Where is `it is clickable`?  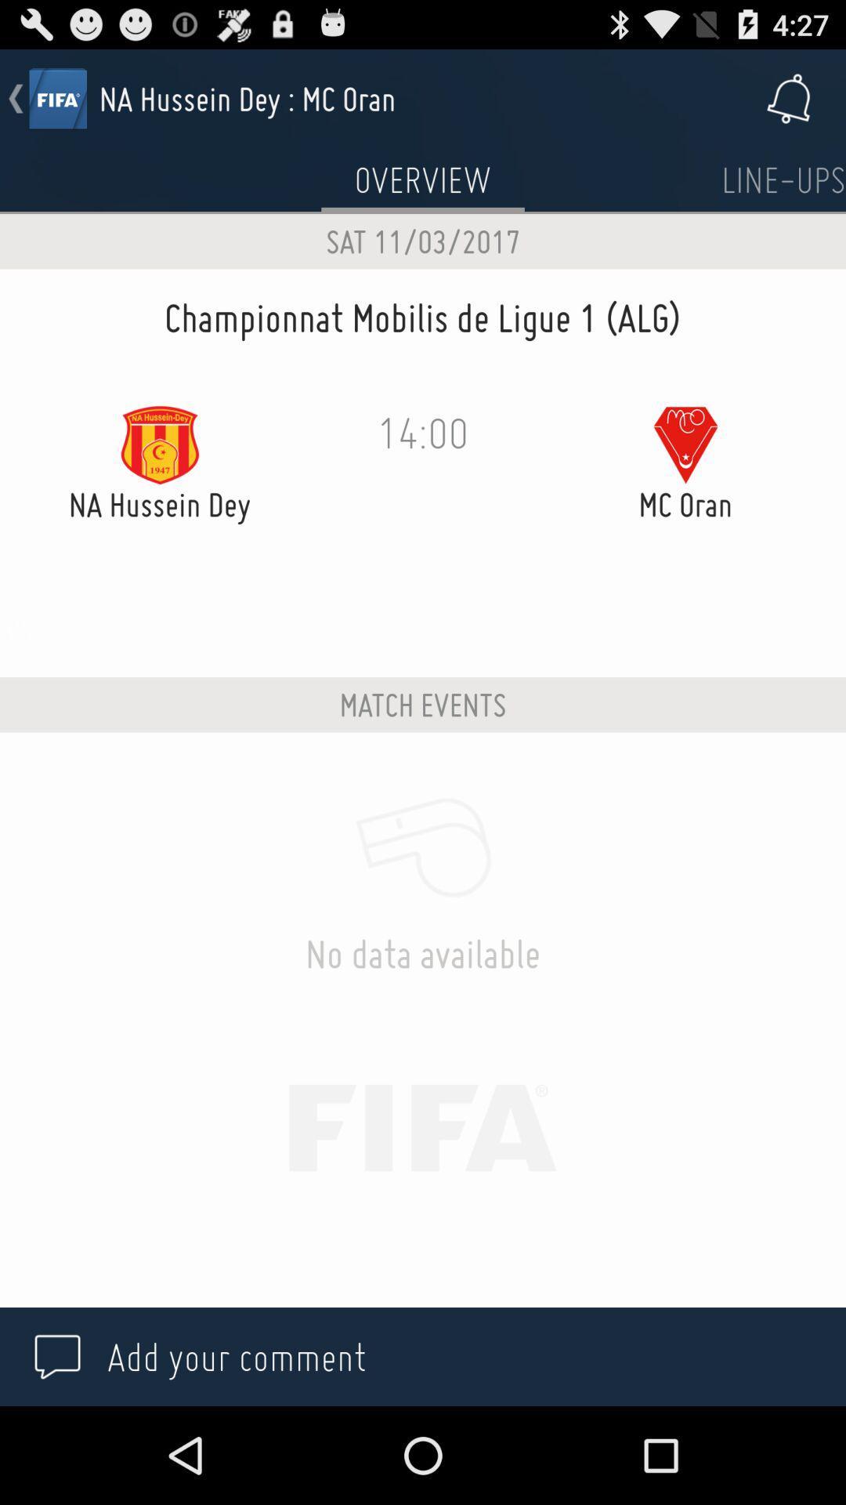
it is clickable is located at coordinates (783, 180).